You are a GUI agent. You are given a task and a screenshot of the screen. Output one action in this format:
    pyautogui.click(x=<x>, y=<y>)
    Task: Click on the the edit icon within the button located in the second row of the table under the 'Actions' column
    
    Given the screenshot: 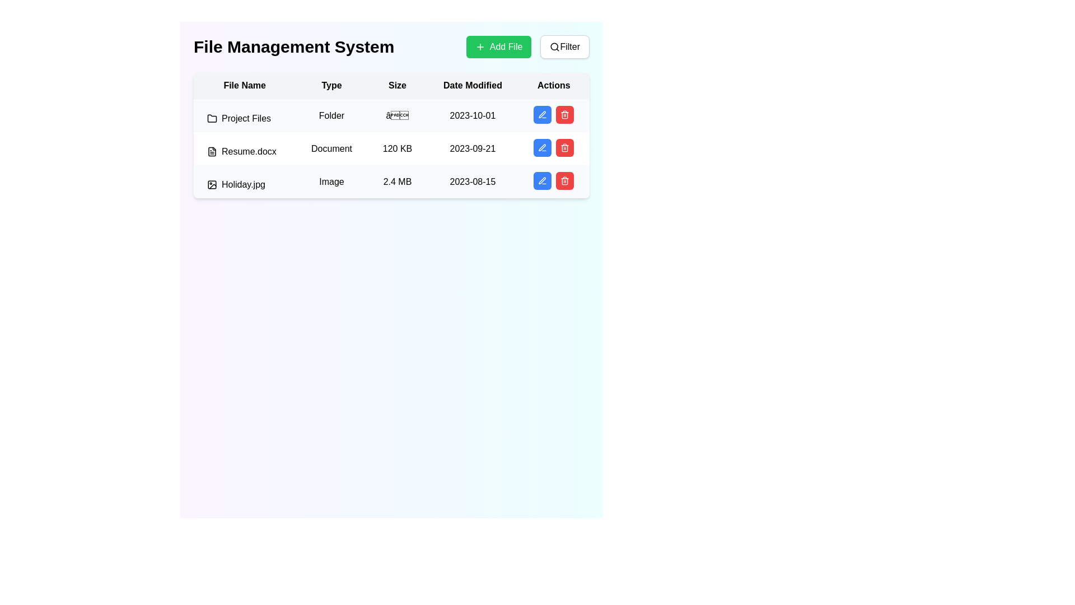 What is the action you would take?
    pyautogui.click(x=543, y=114)
    